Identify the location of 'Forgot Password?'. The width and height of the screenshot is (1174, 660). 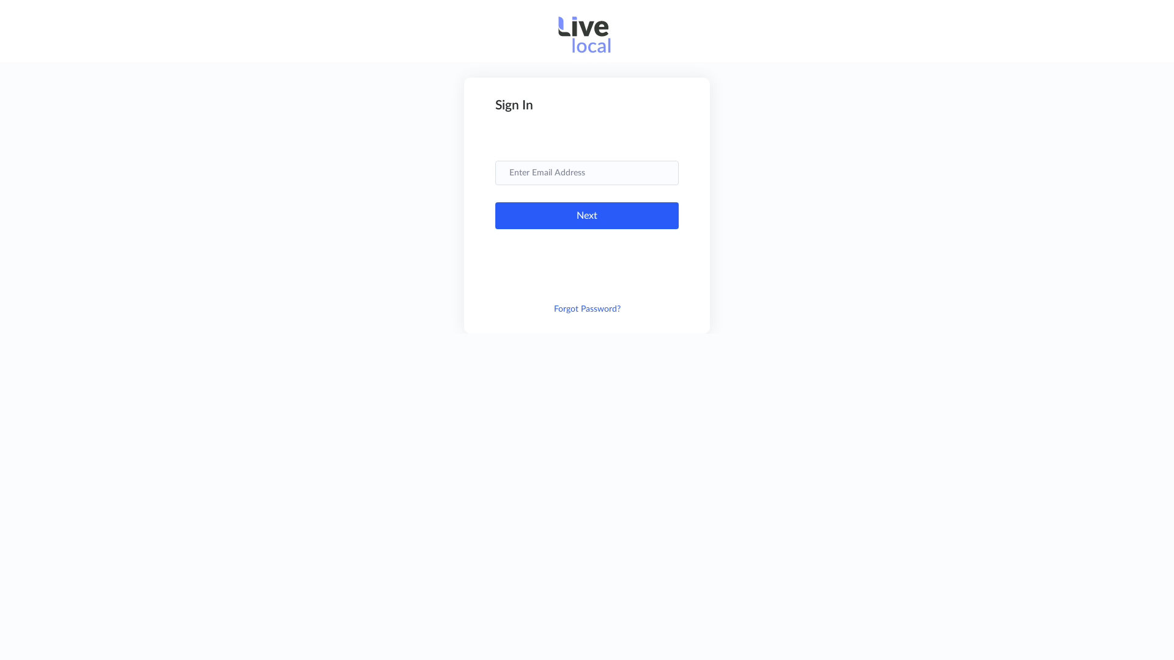
(553, 308).